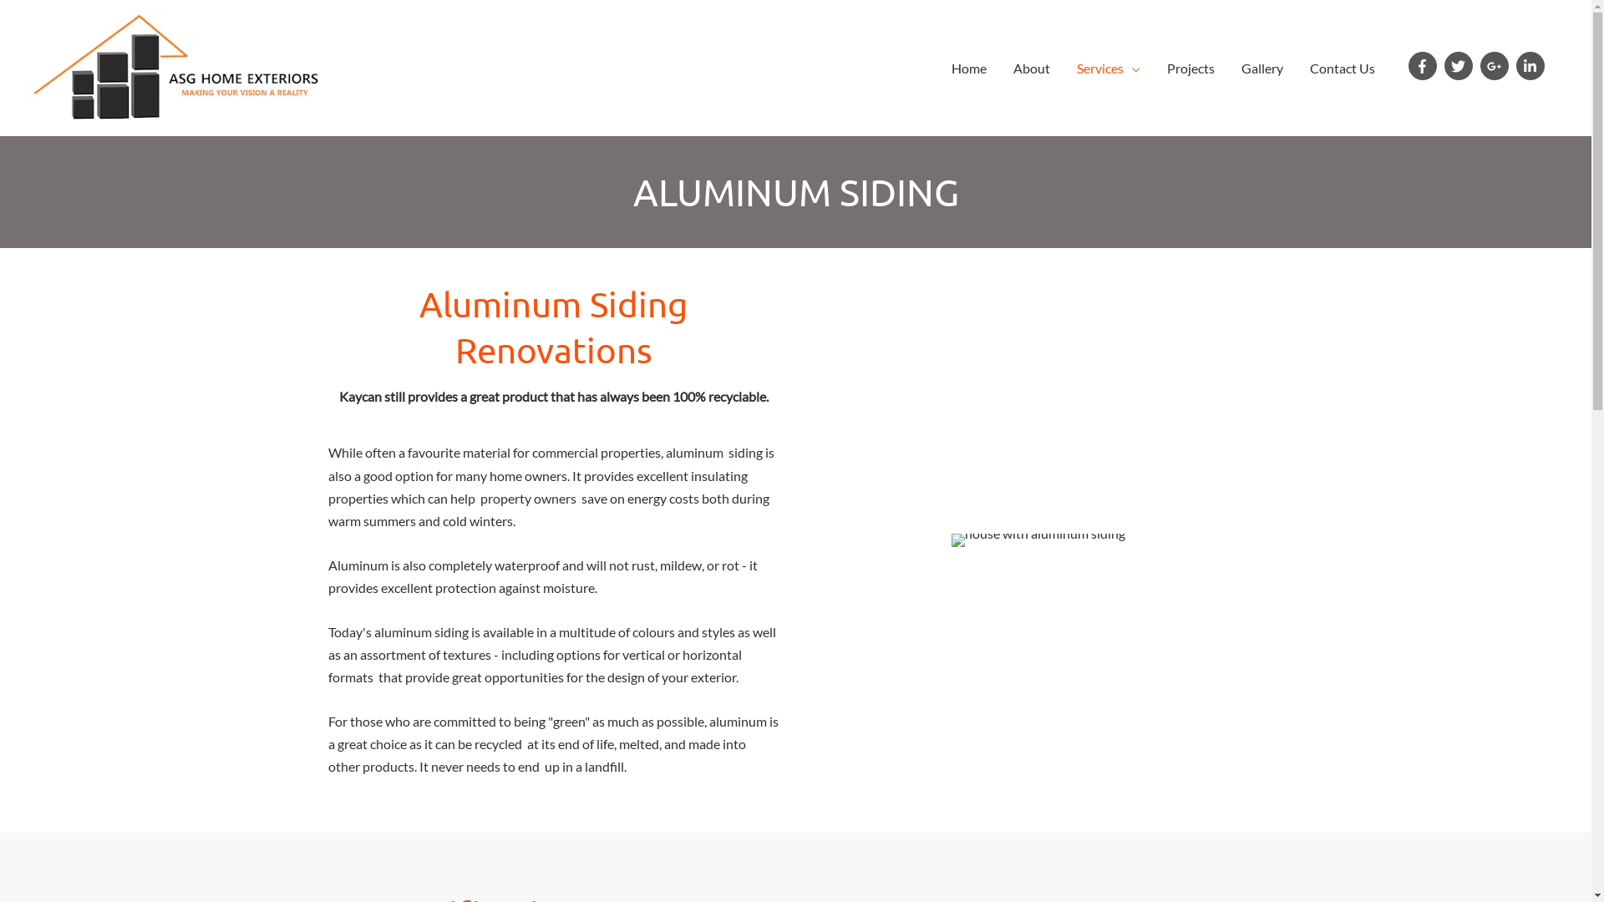  What do you see at coordinates (1262, 67) in the screenshot?
I see `'Gallery'` at bounding box center [1262, 67].